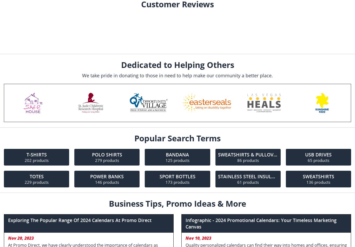 This screenshot has height=247, width=355. I want to click on 'Nov 20, 2023', so click(21, 238).